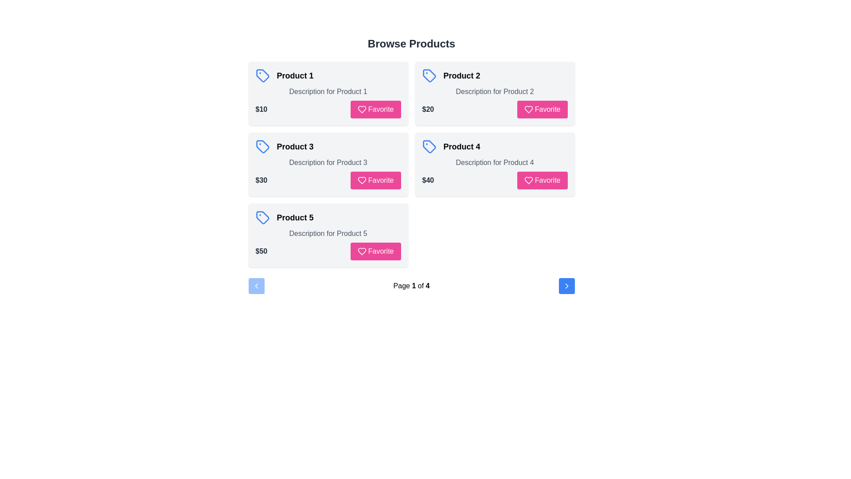 Image resolution: width=851 pixels, height=479 pixels. What do you see at coordinates (428, 180) in the screenshot?
I see `the price label displaying '$40' in bold black font, located in the bottom section of the card for 'Product 4', to the left of the 'Favorite' button` at bounding box center [428, 180].